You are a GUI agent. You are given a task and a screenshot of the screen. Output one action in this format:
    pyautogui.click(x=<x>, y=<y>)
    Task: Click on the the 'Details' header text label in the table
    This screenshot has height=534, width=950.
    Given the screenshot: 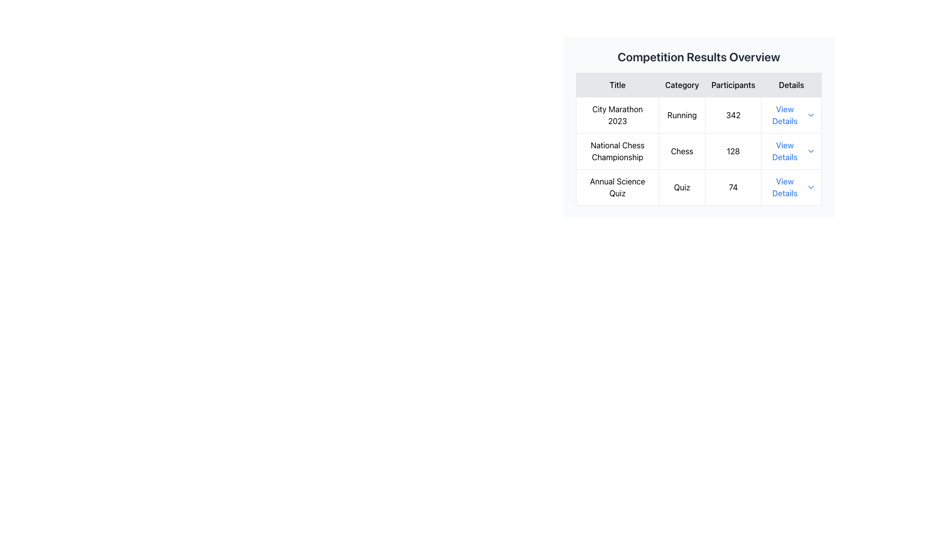 What is the action you would take?
    pyautogui.click(x=791, y=85)
    